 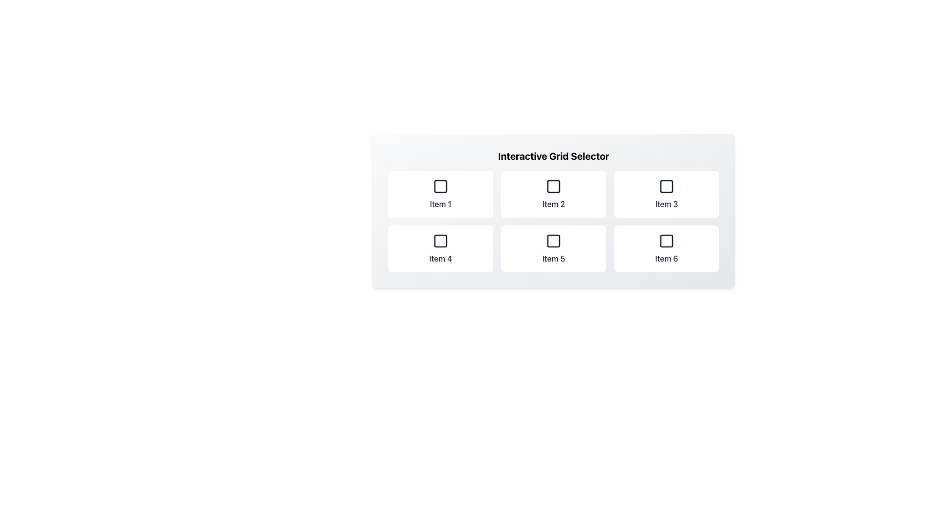 What do you see at coordinates (440, 241) in the screenshot?
I see `the square vector graphic icon located in the second row and first column of the grid layout, which serves as a visual indicator for selection above the label 'Item 4.'` at bounding box center [440, 241].